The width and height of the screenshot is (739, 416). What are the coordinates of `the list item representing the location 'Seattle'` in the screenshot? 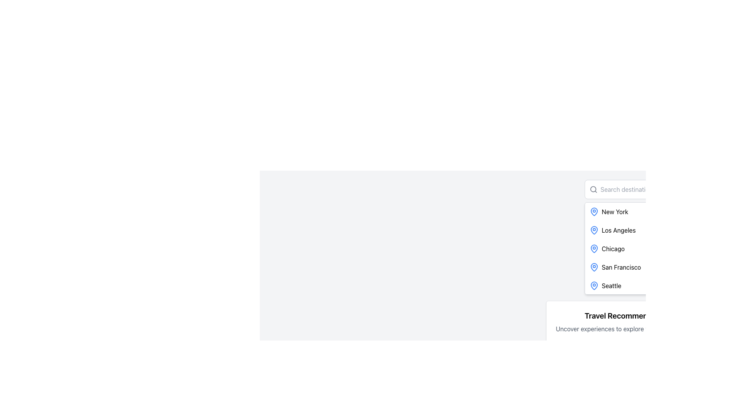 It's located at (629, 285).